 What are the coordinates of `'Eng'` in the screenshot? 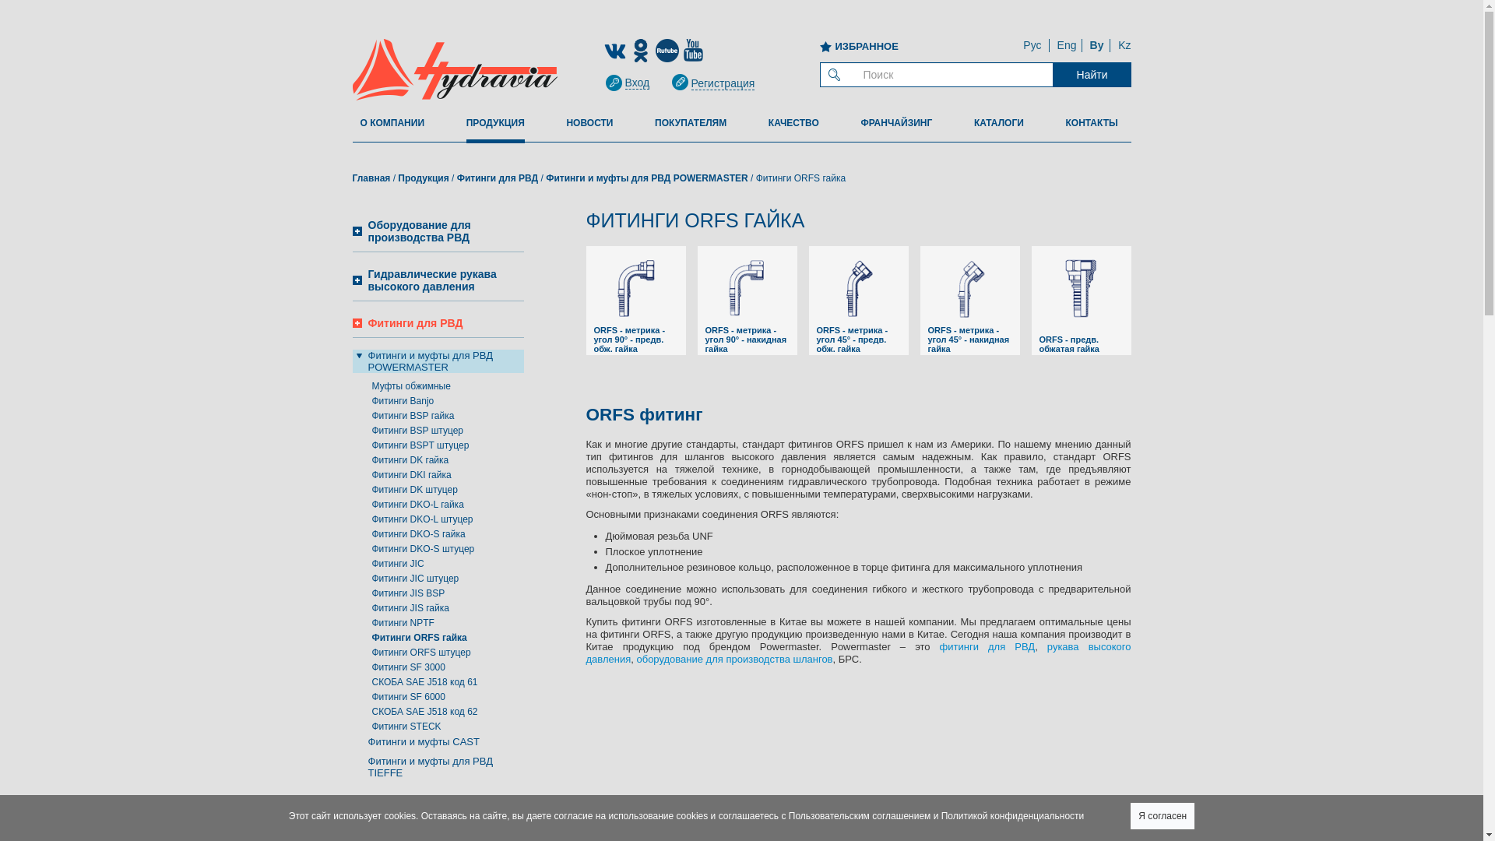 It's located at (1066, 44).